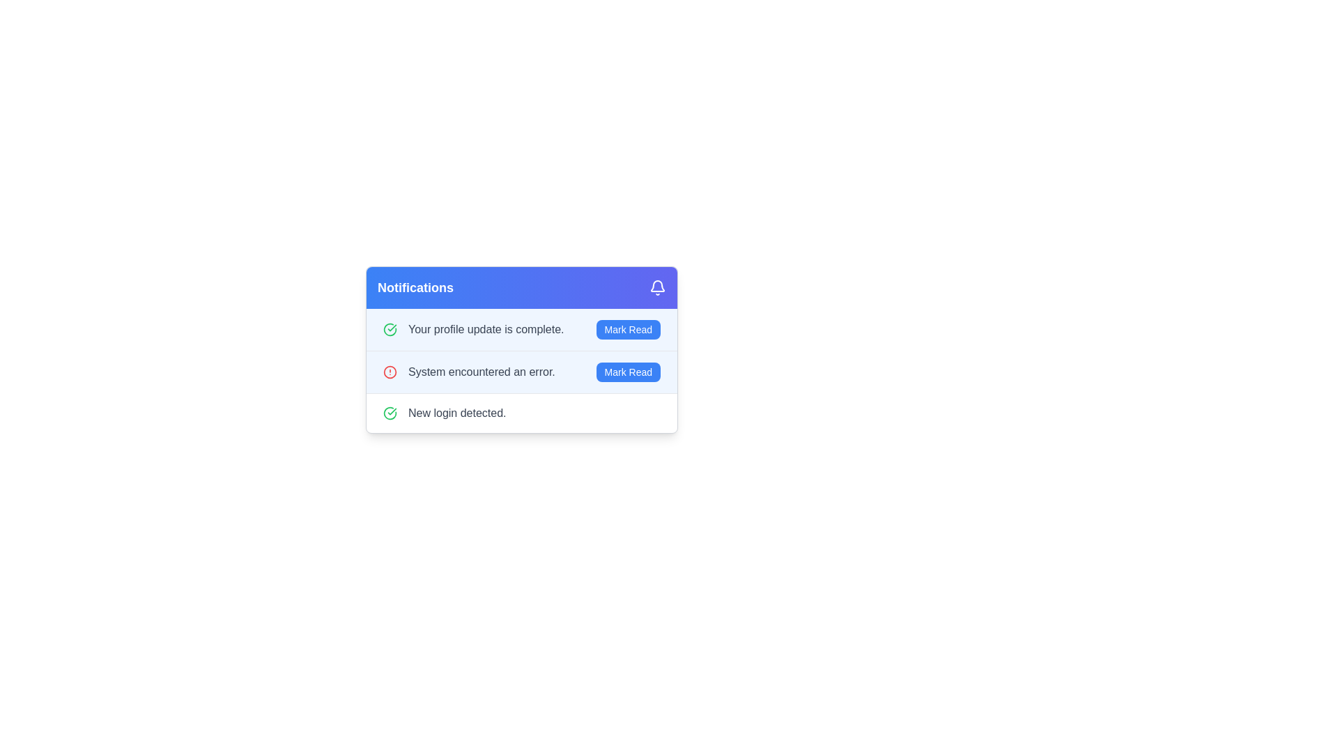 Image resolution: width=1338 pixels, height=753 pixels. I want to click on notification message that indicates the successful completion of the profile update, positioned in the notification list under 'Notifications', so click(486, 330).